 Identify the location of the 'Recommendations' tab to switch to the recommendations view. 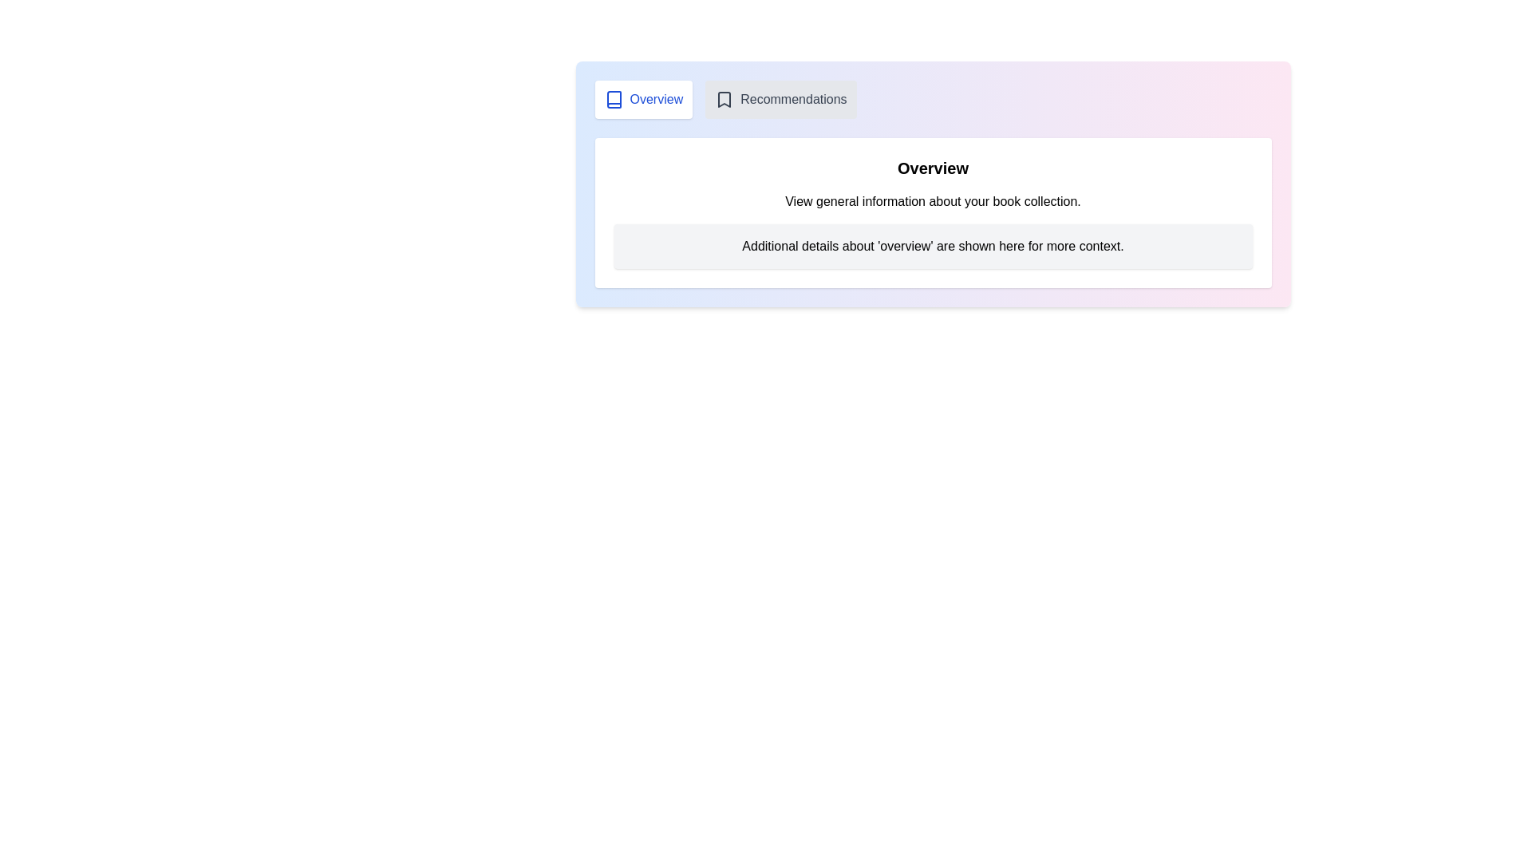
(780, 99).